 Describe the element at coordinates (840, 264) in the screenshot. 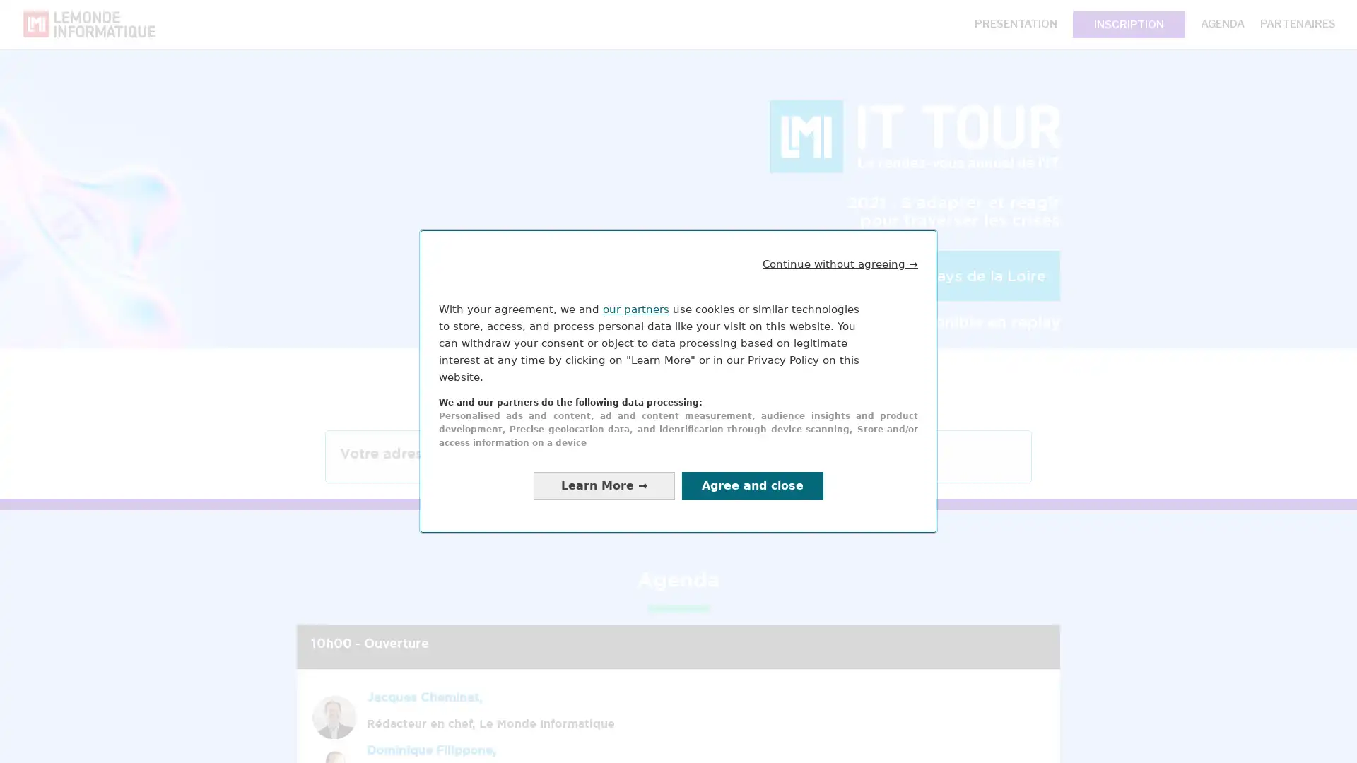

I see `Continue without agreeing` at that location.